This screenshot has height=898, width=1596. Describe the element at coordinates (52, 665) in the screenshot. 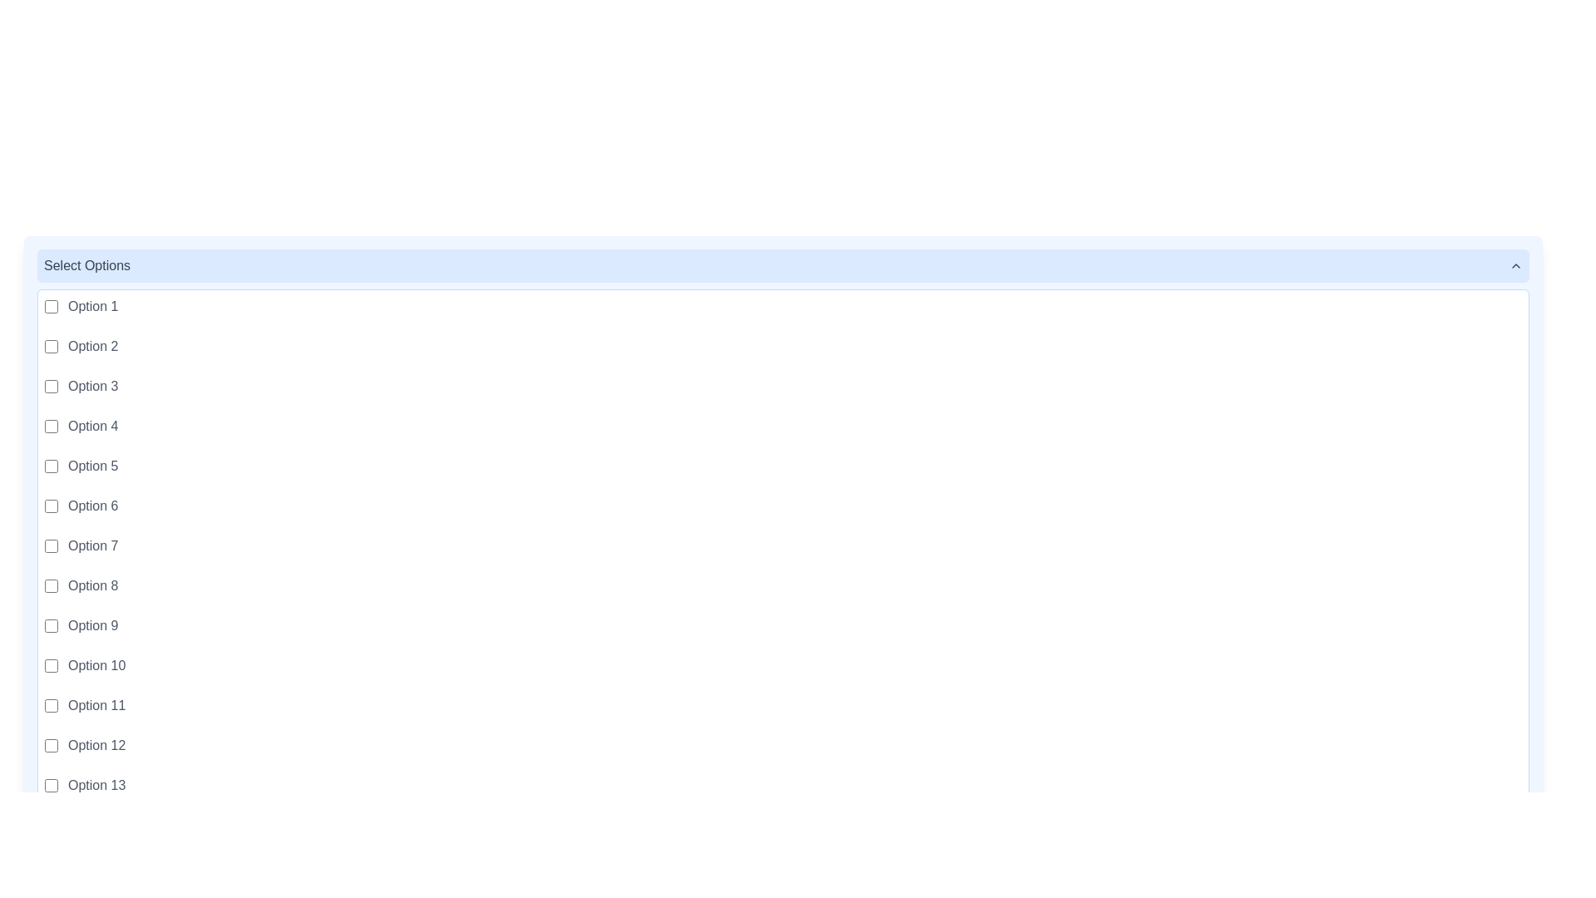

I see `the checkbox corresponding to 'Option 10'` at that location.